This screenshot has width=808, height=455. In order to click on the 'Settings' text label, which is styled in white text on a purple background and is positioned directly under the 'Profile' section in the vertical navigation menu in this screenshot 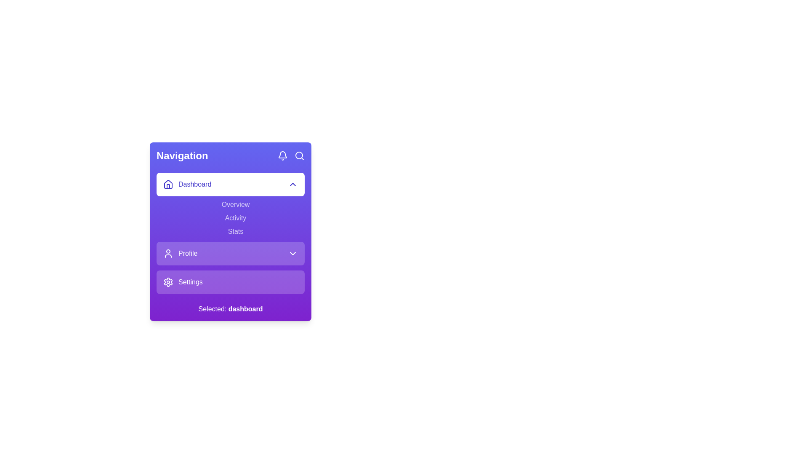, I will do `click(190, 282)`.